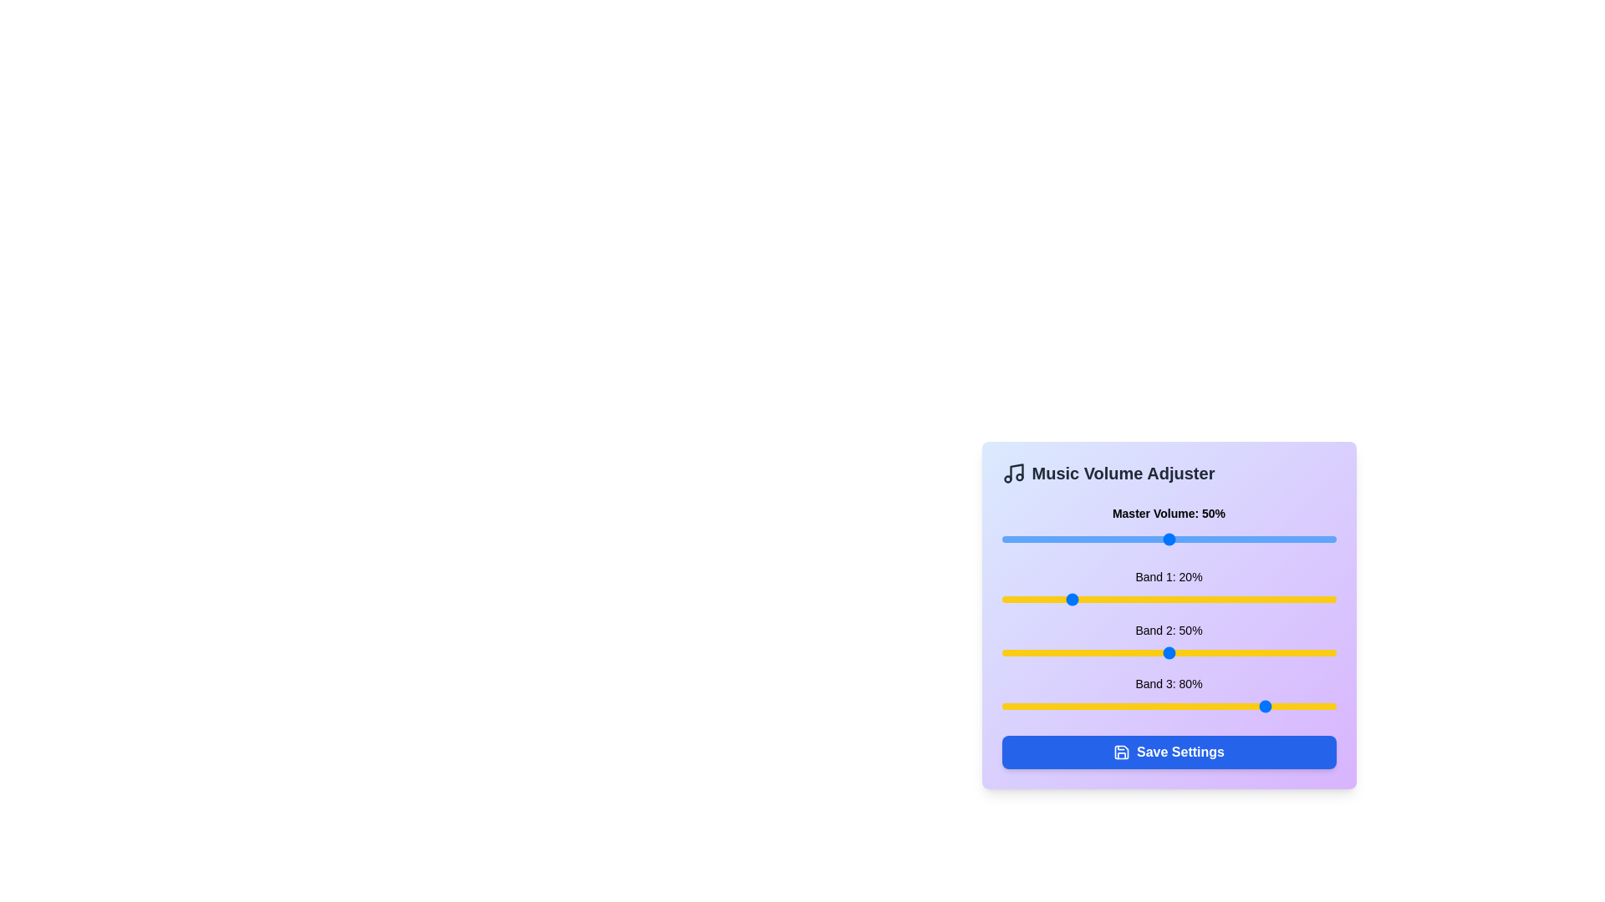 This screenshot has height=902, width=1605. Describe the element at coordinates (1252, 706) in the screenshot. I see `Band 3` at that location.